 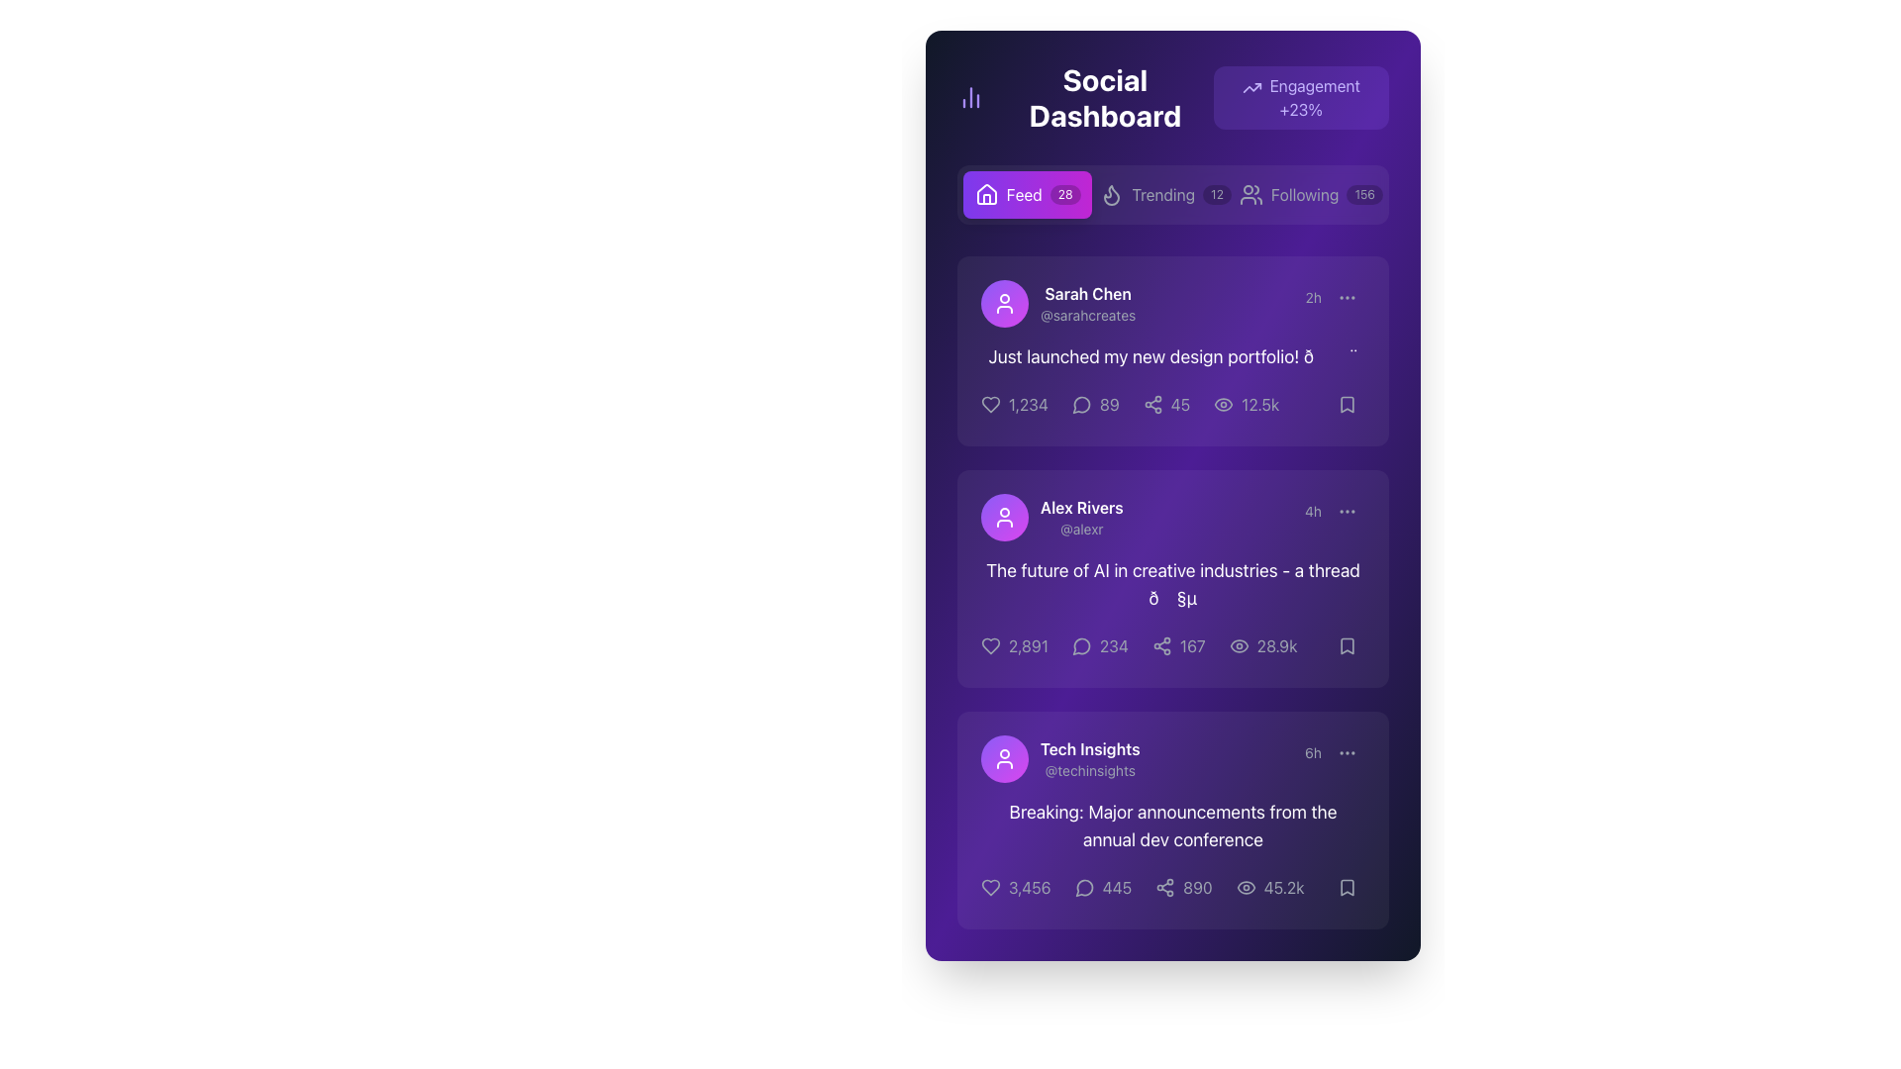 I want to click on the circular avatar button displaying 'Alex Rivers', so click(x=1051, y=517).